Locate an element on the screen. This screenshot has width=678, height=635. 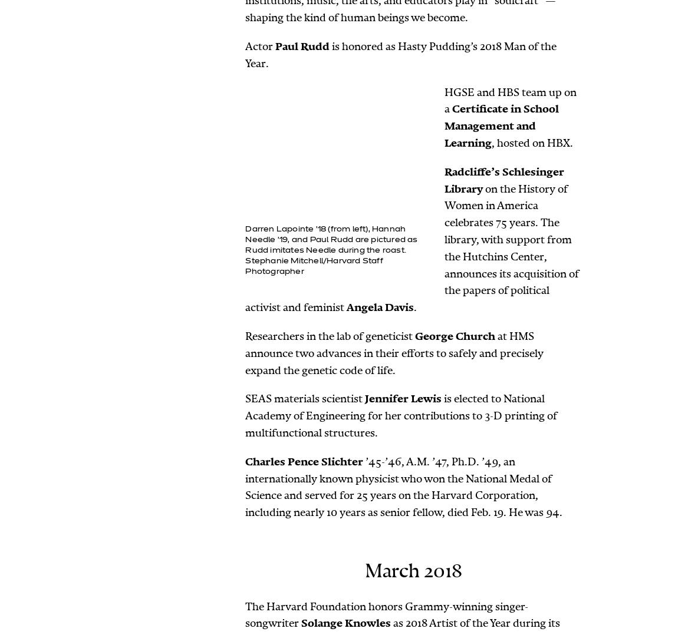
'Certificate in School Management and Learning' is located at coordinates (443, 125).